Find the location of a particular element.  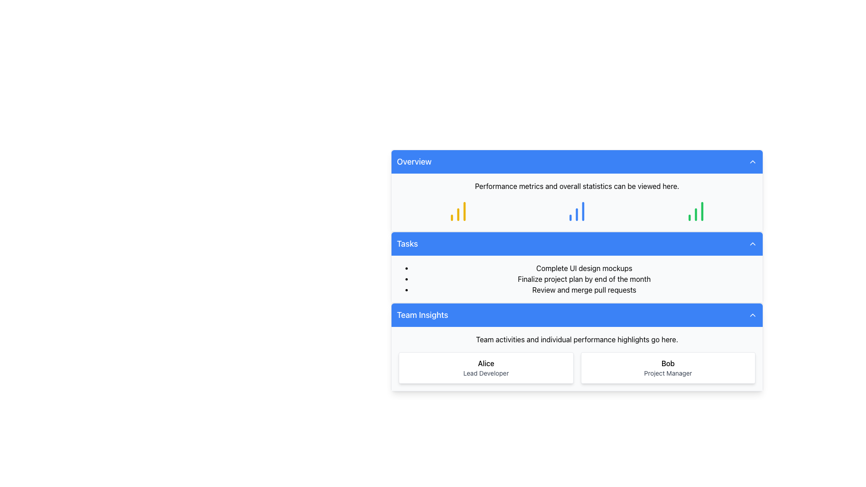

the middle group of blue bar charts is located at coordinates (576, 211).